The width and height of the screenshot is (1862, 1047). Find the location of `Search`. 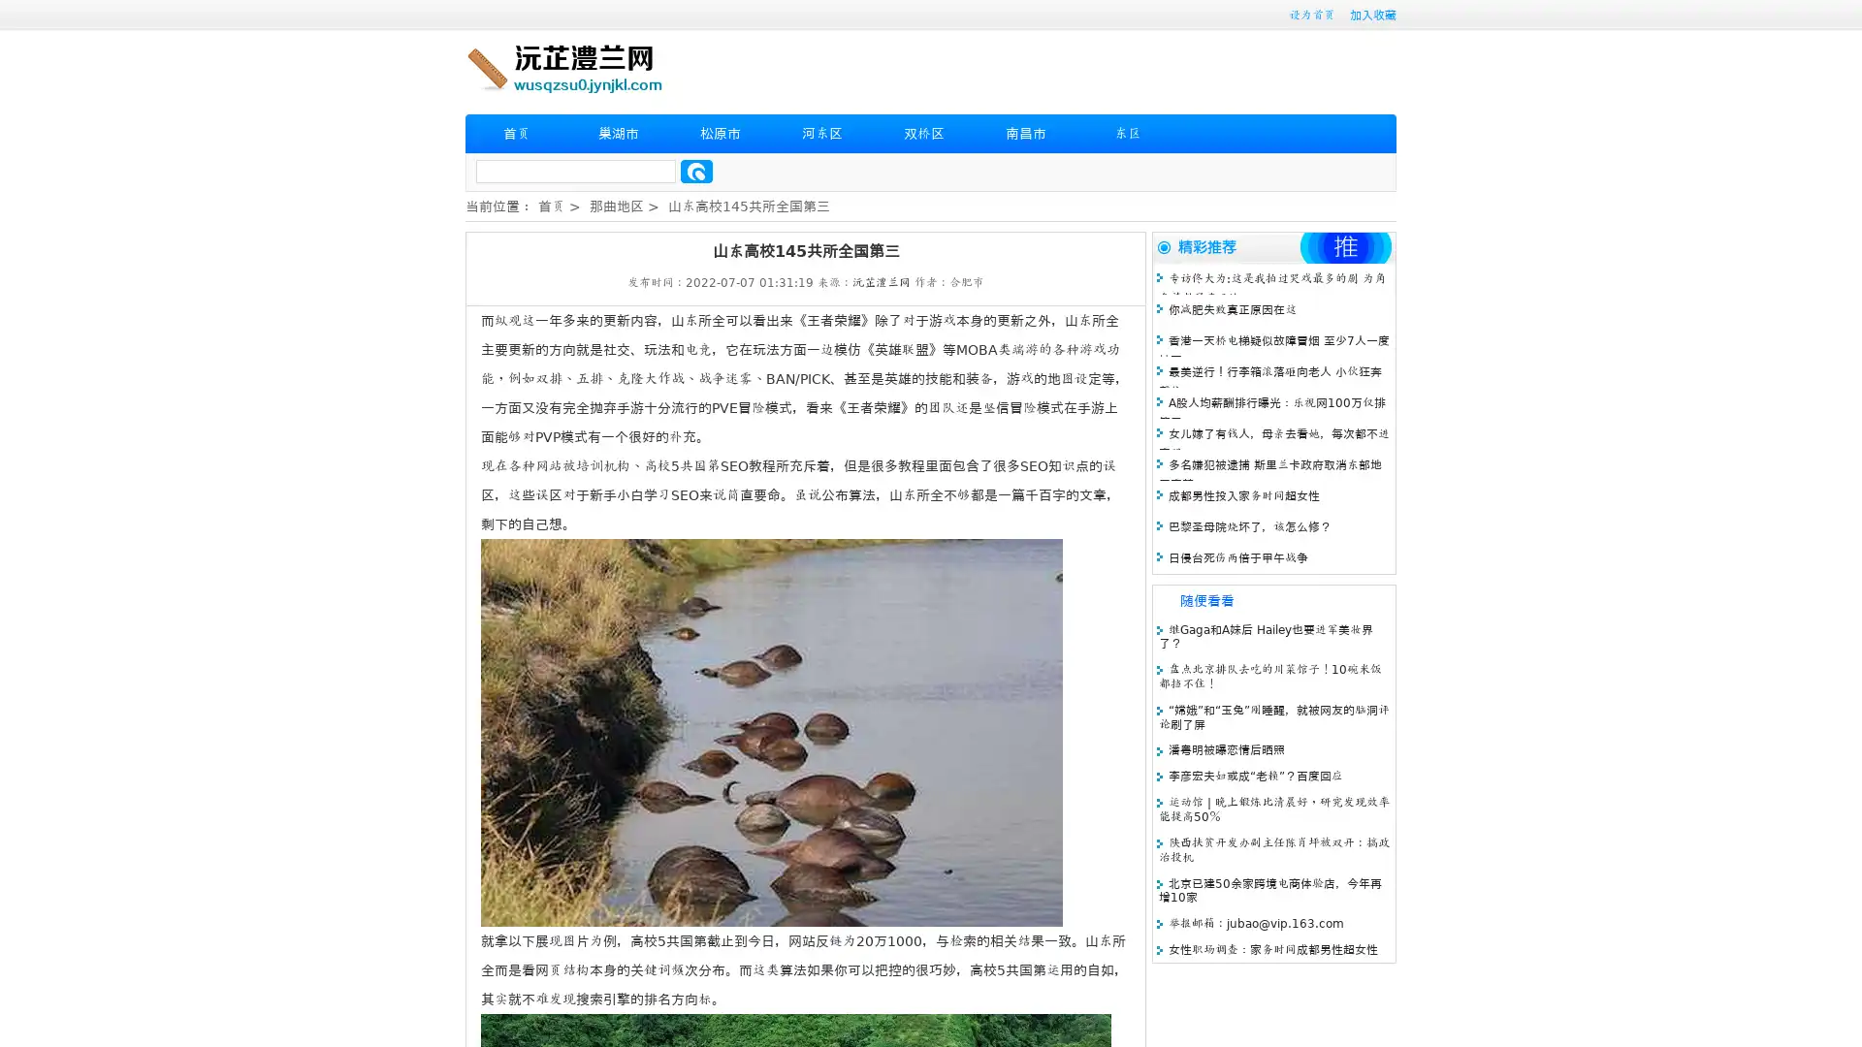

Search is located at coordinates (696, 171).